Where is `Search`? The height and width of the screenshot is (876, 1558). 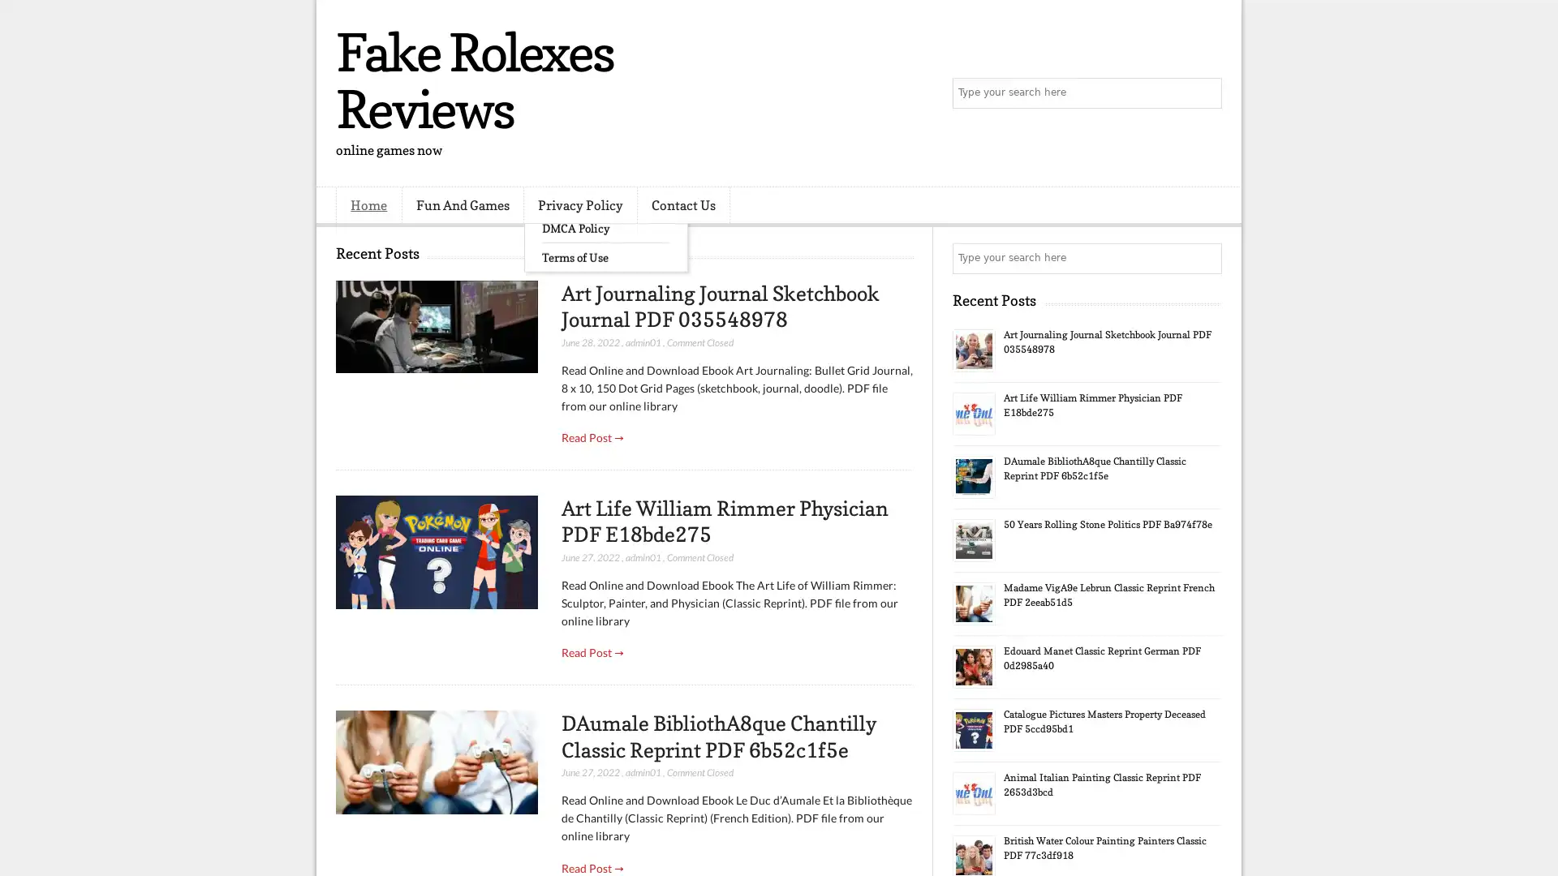
Search is located at coordinates (1205, 93).